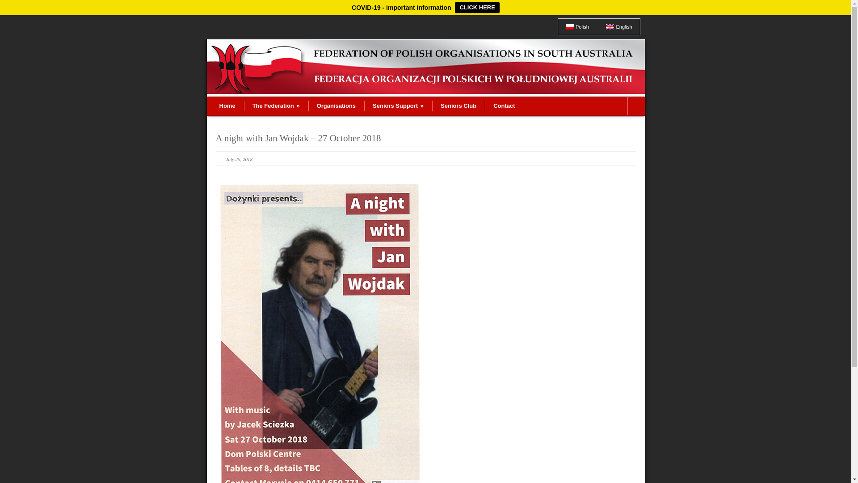 The height and width of the screenshot is (483, 858). What do you see at coordinates (569, 26) in the screenshot?
I see `'polski'` at bounding box center [569, 26].